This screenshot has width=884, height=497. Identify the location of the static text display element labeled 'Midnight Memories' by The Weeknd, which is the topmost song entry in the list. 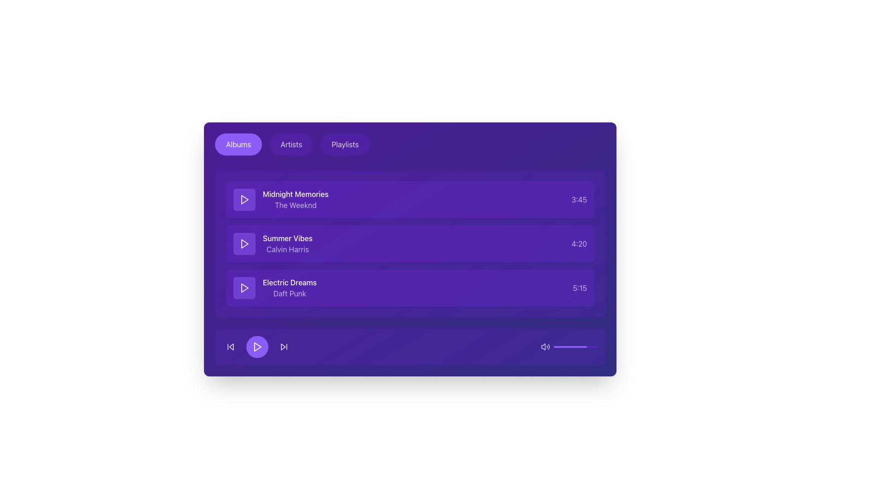
(296, 199).